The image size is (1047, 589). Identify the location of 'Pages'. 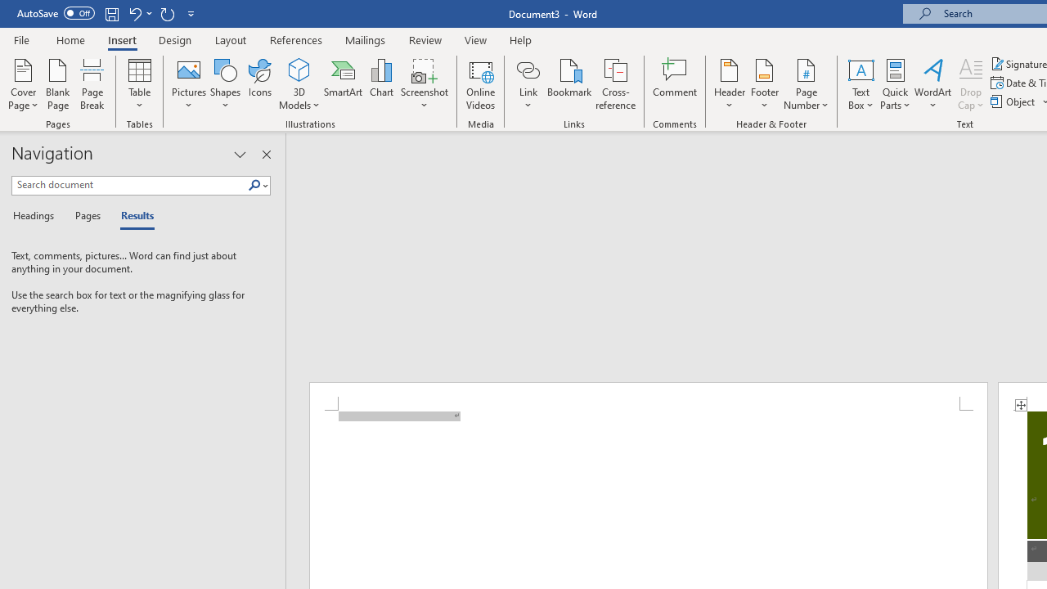
(85, 216).